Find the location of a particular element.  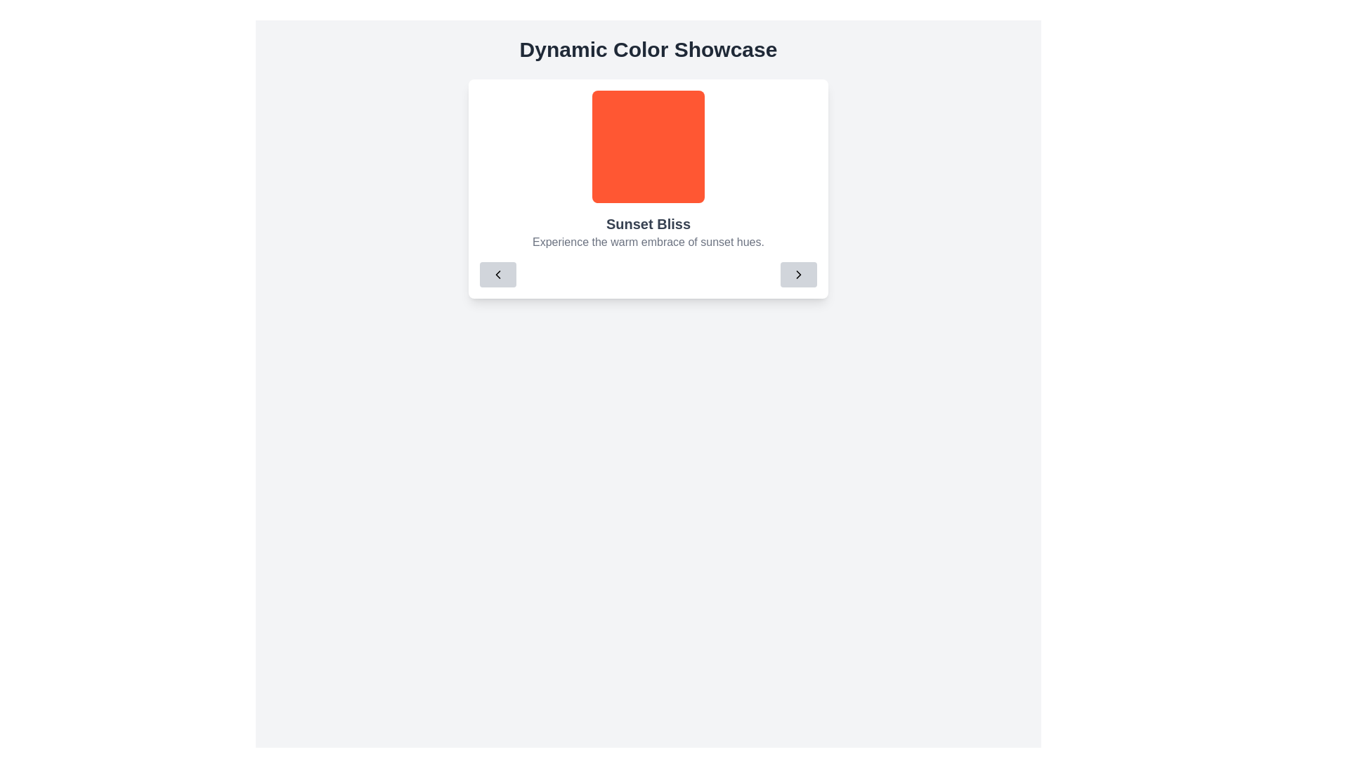

the Decorative box centered within the white card titled 'Sunset Bliss', which showcases color and highlights the card's content is located at coordinates (647, 146).